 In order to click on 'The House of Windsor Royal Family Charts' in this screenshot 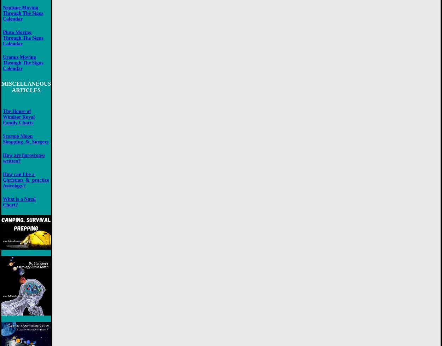, I will do `click(19, 117)`.